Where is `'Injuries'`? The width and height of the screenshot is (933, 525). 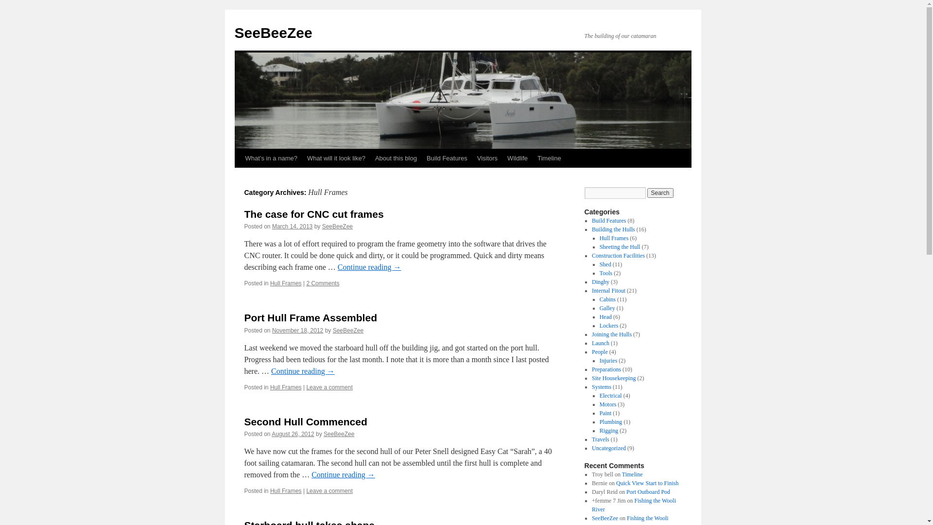
'Injuries' is located at coordinates (608, 360).